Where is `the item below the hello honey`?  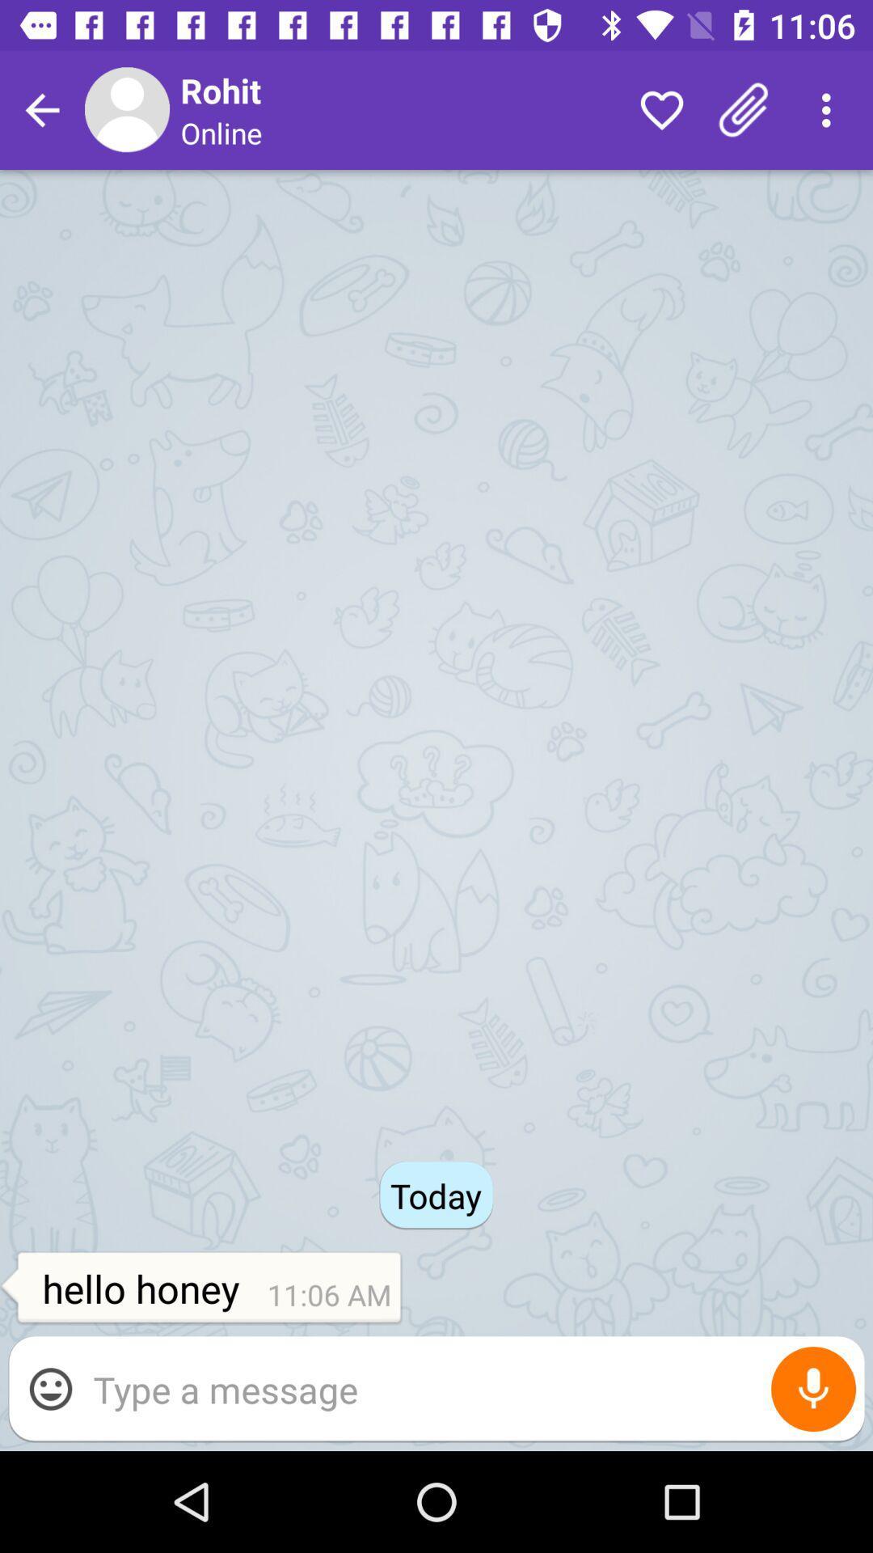
the item below the hello honey is located at coordinates (49, 1388).